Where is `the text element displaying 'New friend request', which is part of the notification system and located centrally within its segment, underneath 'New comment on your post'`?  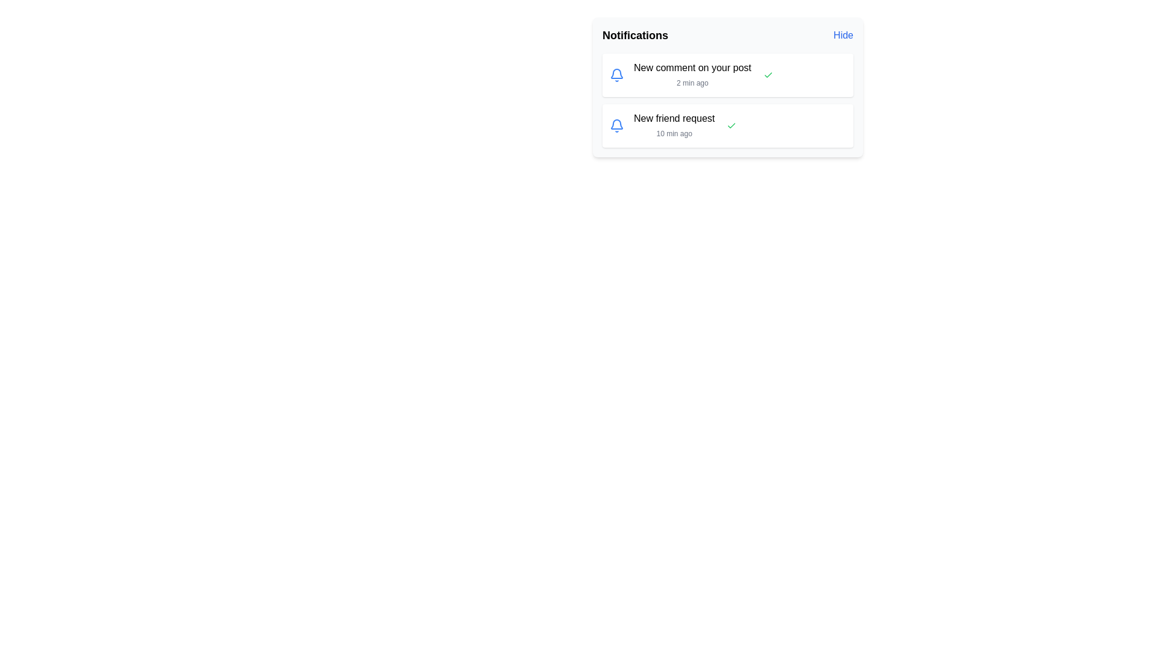
the text element displaying 'New friend request', which is part of the notification system and located centrally within its segment, underneath 'New comment on your post' is located at coordinates (674, 118).